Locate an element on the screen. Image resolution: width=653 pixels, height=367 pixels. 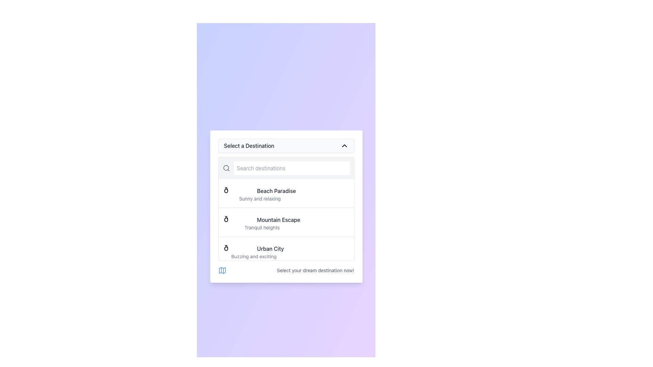
the dropdown menu header element that serves as the selectable header for a dropdown menu, displaying the currently selected value is located at coordinates (286, 145).